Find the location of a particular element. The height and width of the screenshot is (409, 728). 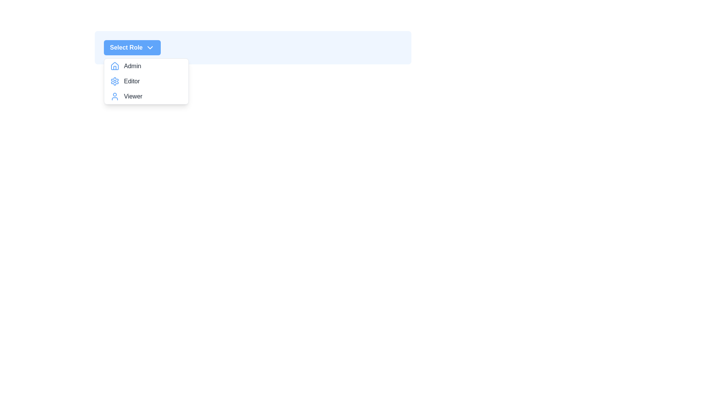

the role Viewer from the dropdown menu is located at coordinates (146, 96).